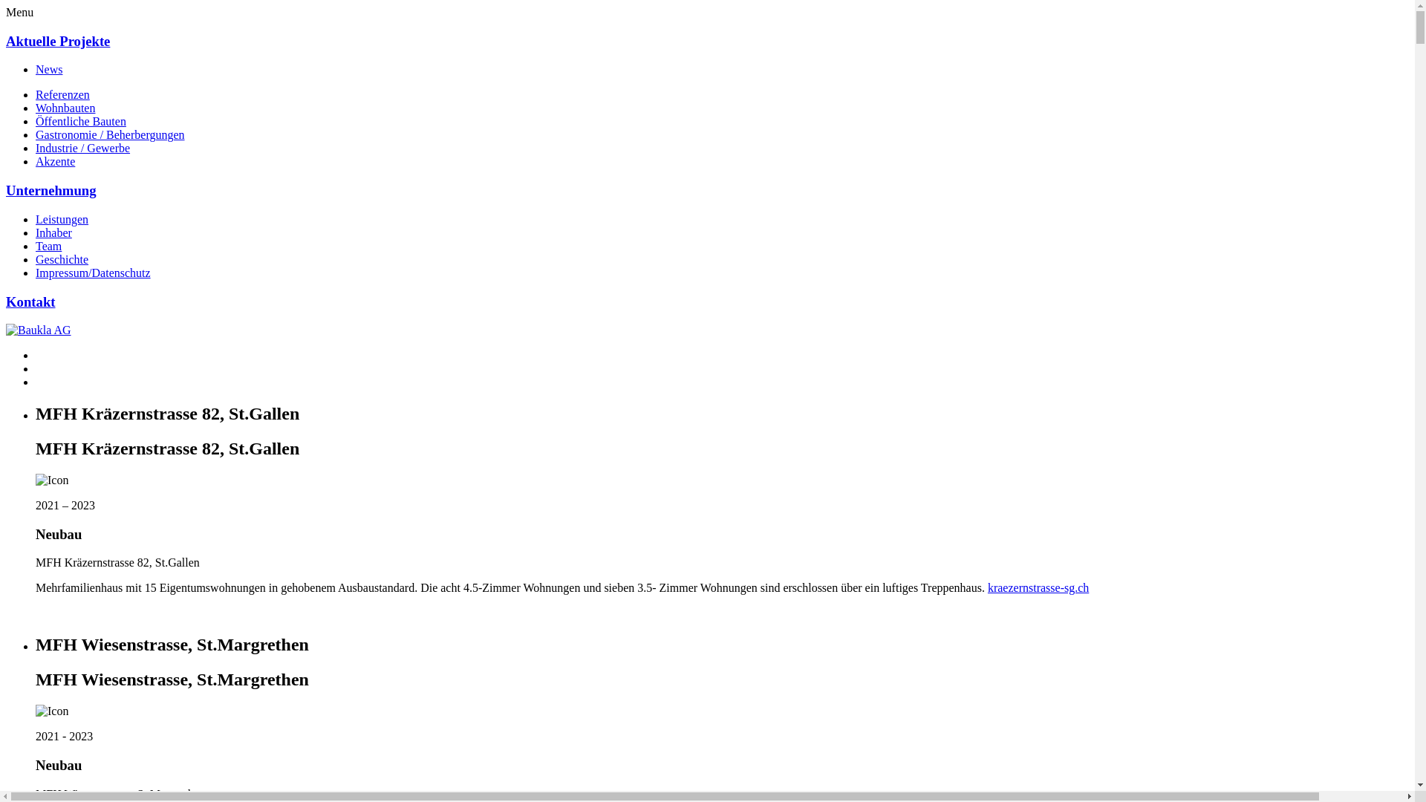 The height and width of the screenshot is (802, 1426). Describe the element at coordinates (92, 273) in the screenshot. I see `'Impressum/Datenschutz'` at that location.